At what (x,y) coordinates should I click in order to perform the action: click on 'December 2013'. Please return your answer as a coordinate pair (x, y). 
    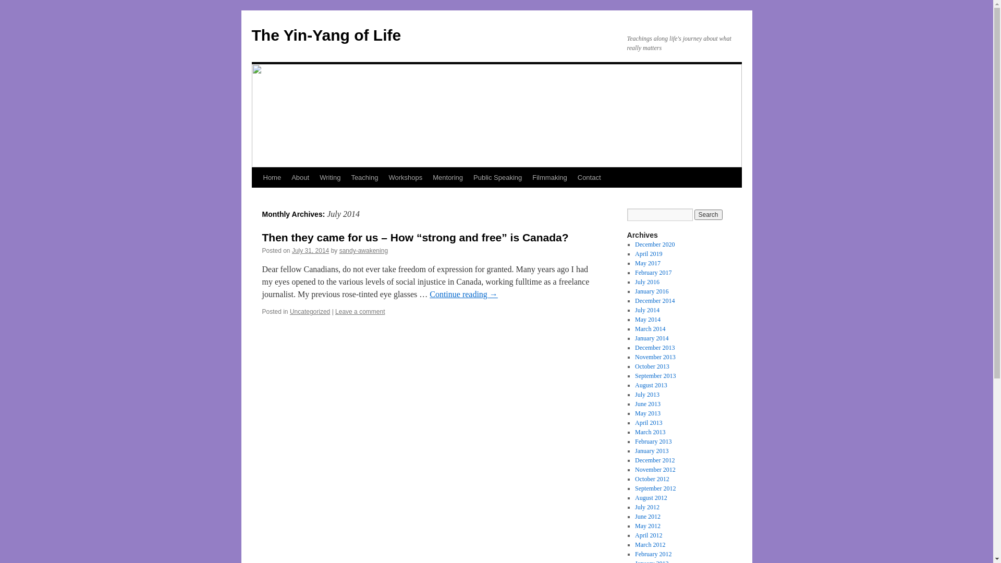
    Looking at the image, I should click on (634, 348).